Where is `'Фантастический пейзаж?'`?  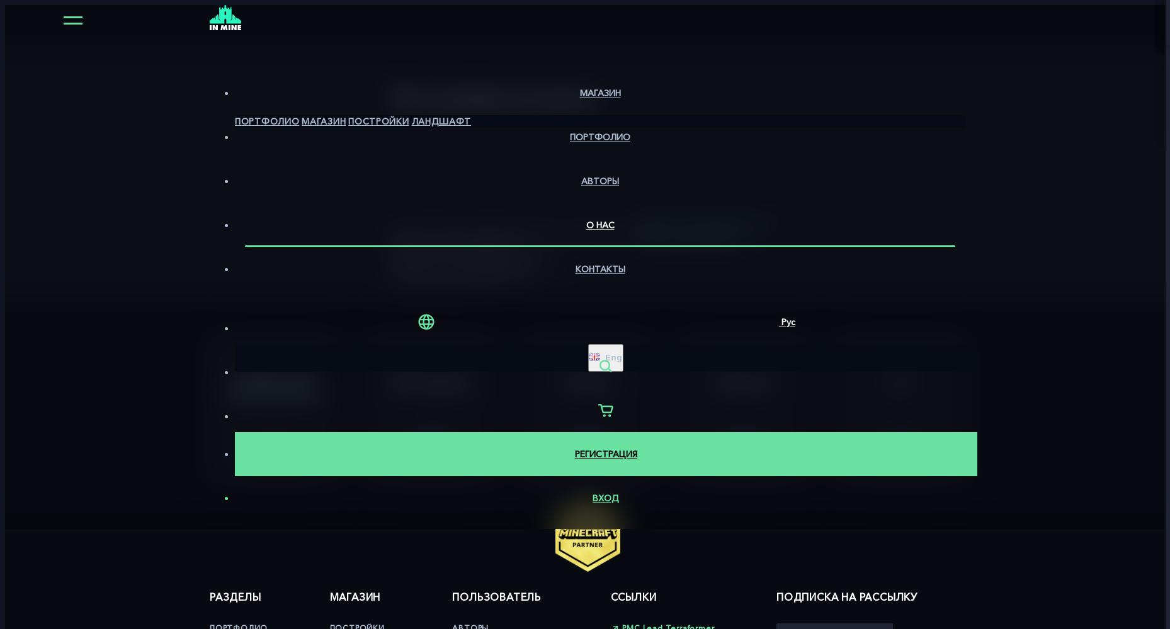
'Фантастический пейзаж?' is located at coordinates (453, 247).